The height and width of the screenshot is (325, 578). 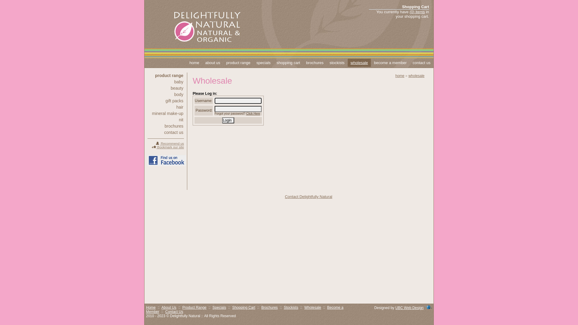 What do you see at coordinates (309, 197) in the screenshot?
I see `'Contact Delightfully Natural'` at bounding box center [309, 197].